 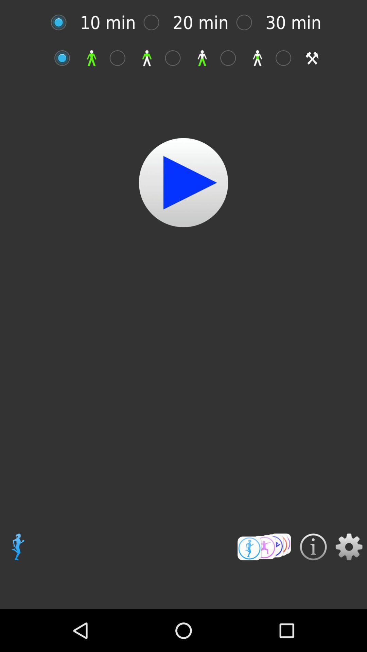 What do you see at coordinates (121, 58) in the screenshot?
I see `user` at bounding box center [121, 58].